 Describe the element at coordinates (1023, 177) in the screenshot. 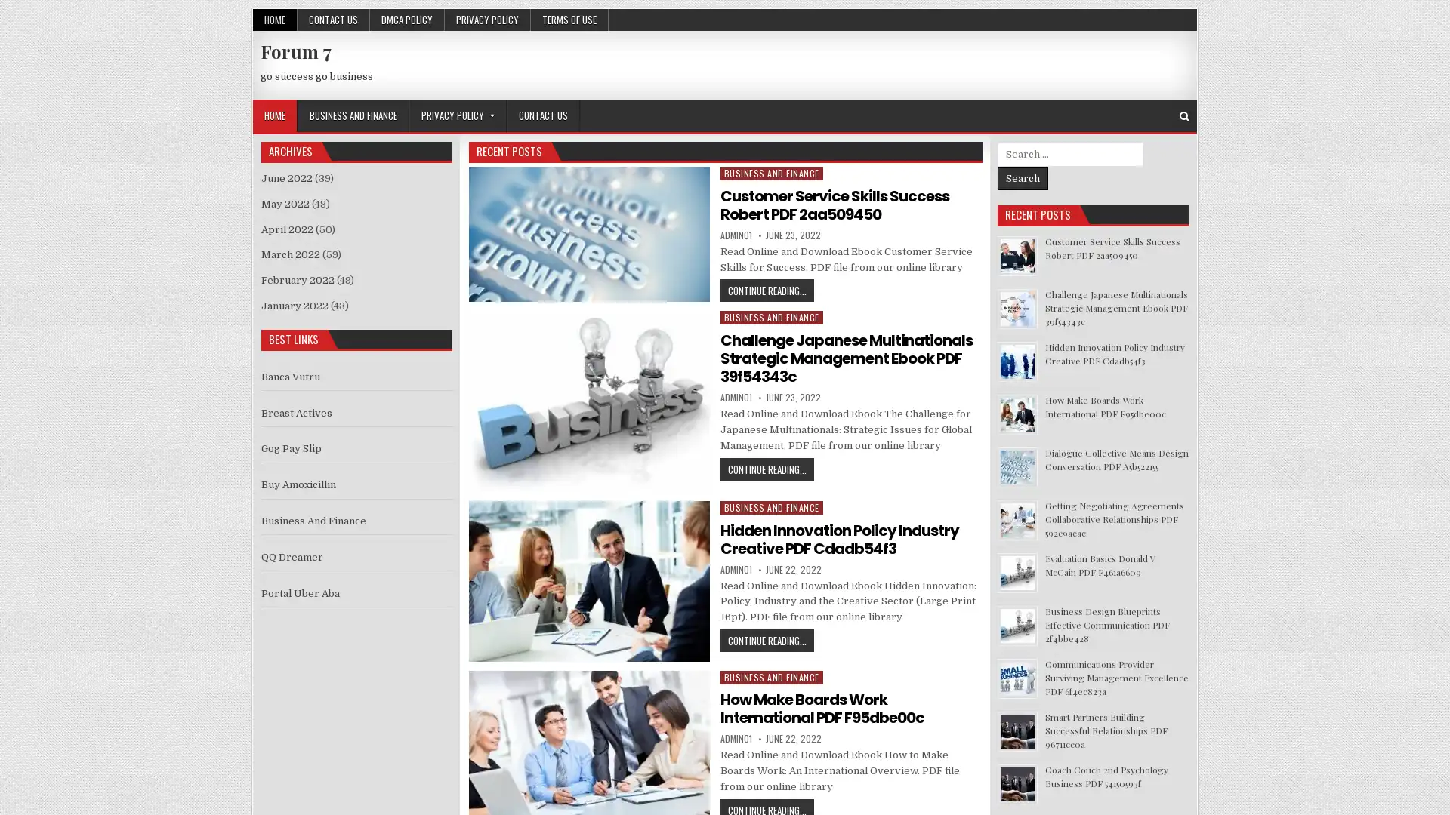

I see `Search` at that location.